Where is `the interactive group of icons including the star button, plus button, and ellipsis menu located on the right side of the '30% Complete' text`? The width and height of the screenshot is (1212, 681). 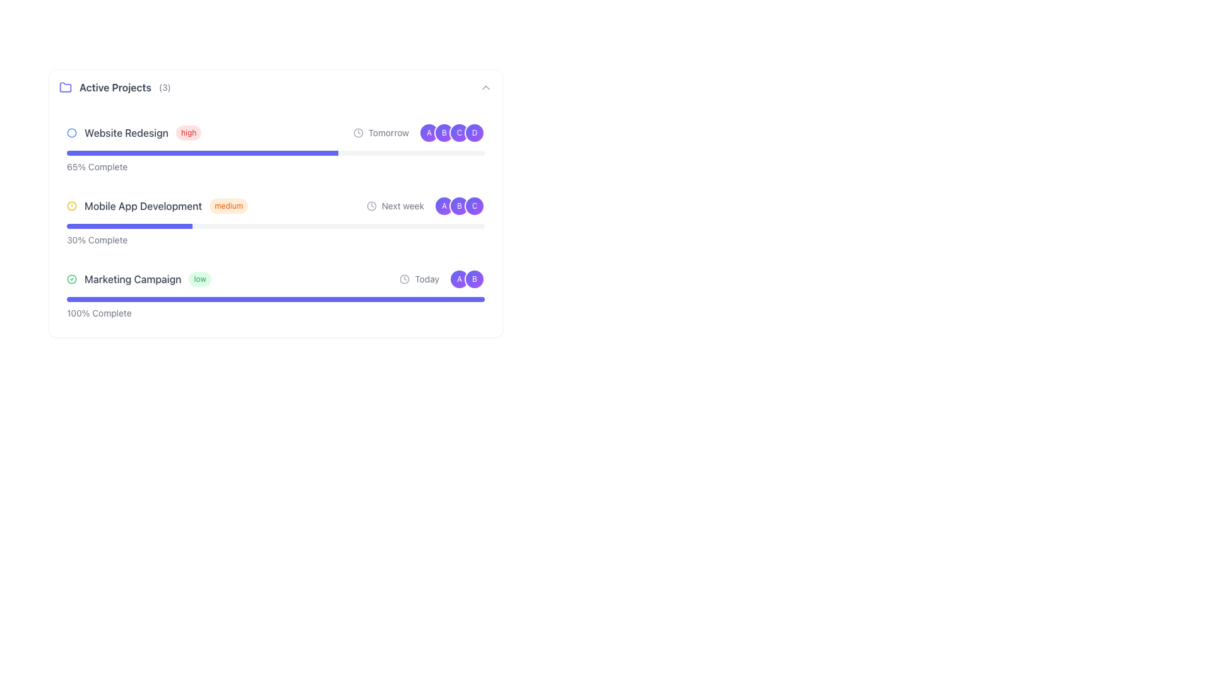
the interactive group of icons including the star button, plus button, and ellipsis menu located on the right side of the '30% Complete' text is located at coordinates (461, 240).